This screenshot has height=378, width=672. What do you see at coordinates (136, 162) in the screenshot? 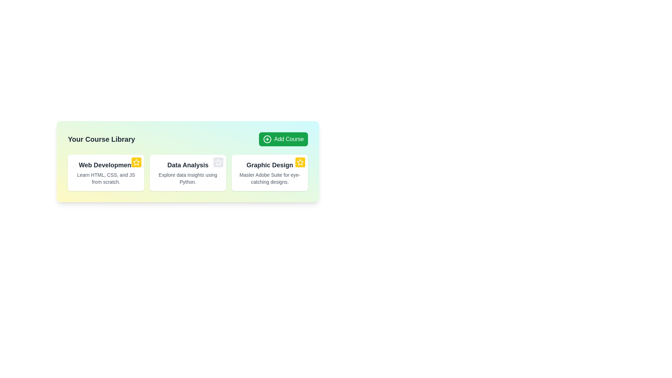
I see `the star icon within the 'Web Development' card to mark the course as a favorite` at bounding box center [136, 162].